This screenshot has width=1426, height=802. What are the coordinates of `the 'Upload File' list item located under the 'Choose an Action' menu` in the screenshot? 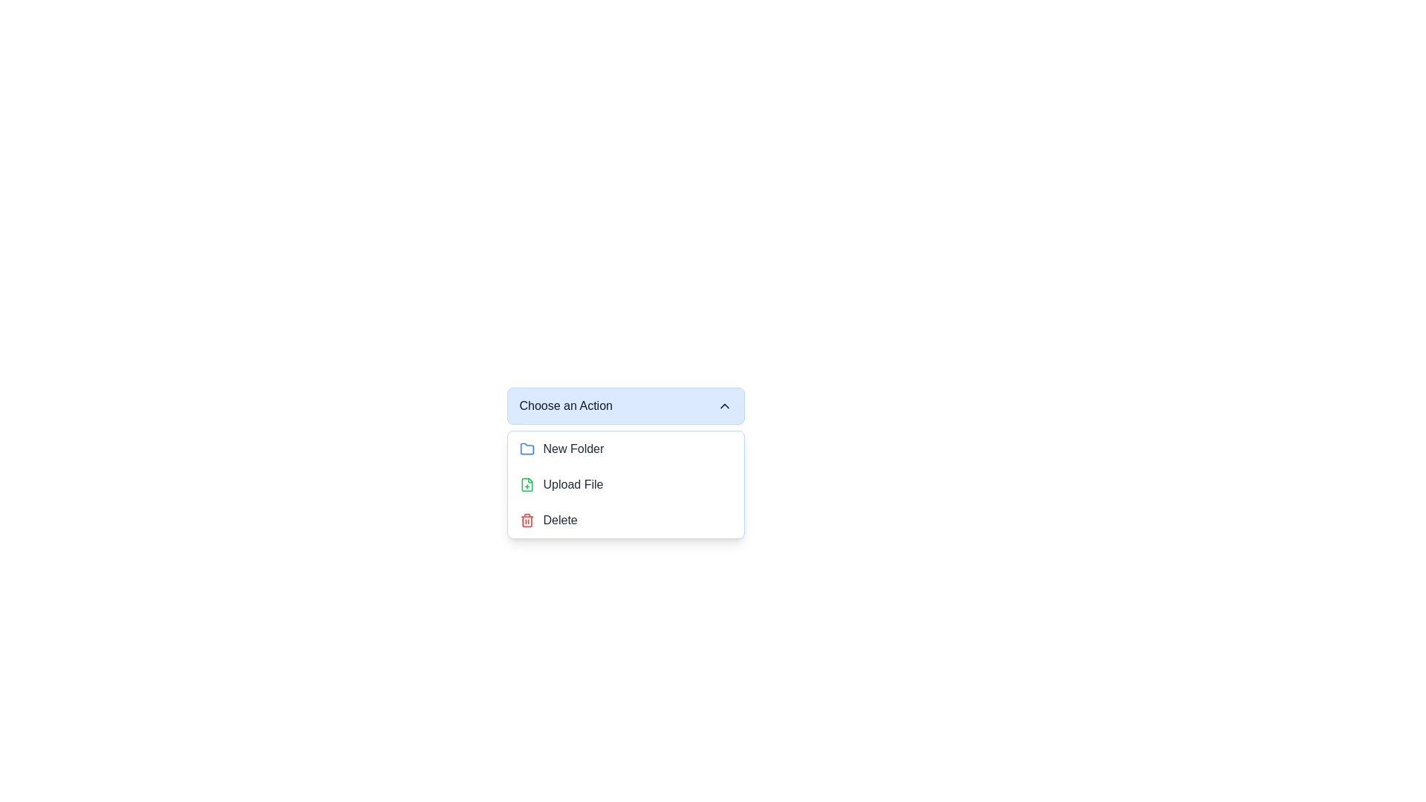 It's located at (625, 484).